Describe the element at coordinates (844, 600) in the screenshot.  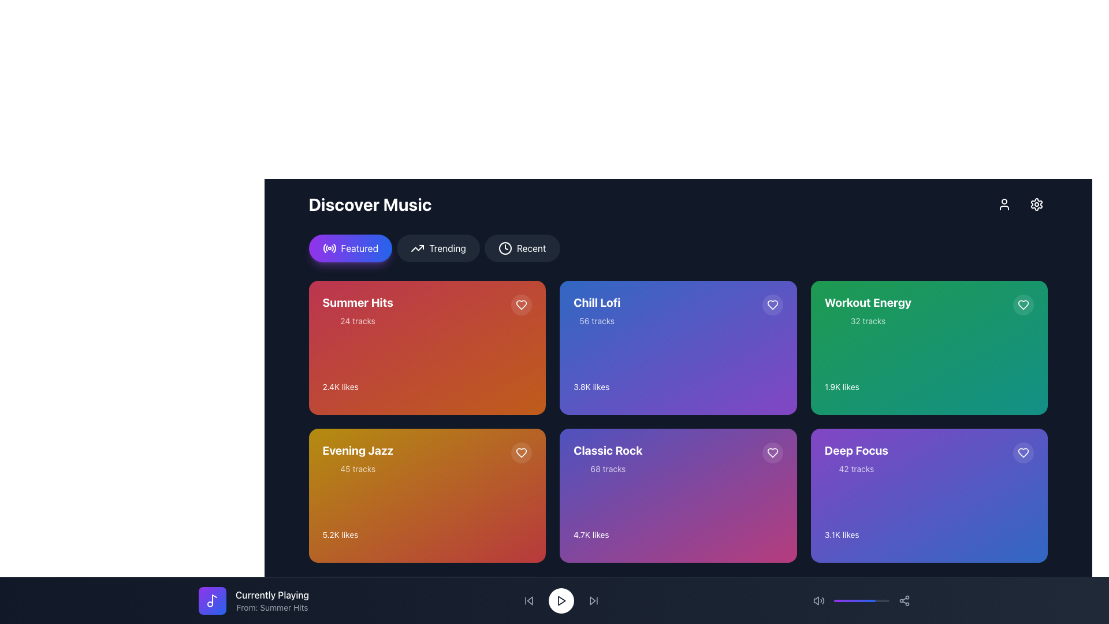
I see `volume level` at that location.